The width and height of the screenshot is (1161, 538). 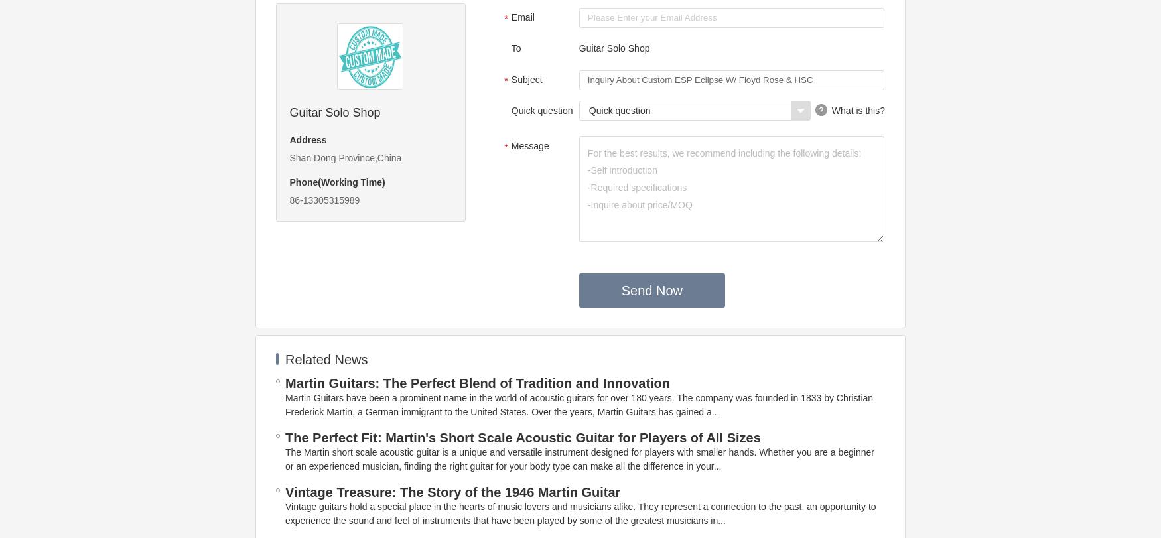 What do you see at coordinates (579, 404) in the screenshot?
I see `'Martin Guitars   have been a prominent name in the world of acoustic guitars for over 180 years. The company was founded in 1833 by Christian Frederick Martin, a German immigrant to the United States. Over the years, Martin Guitars has gained a...'` at bounding box center [579, 404].